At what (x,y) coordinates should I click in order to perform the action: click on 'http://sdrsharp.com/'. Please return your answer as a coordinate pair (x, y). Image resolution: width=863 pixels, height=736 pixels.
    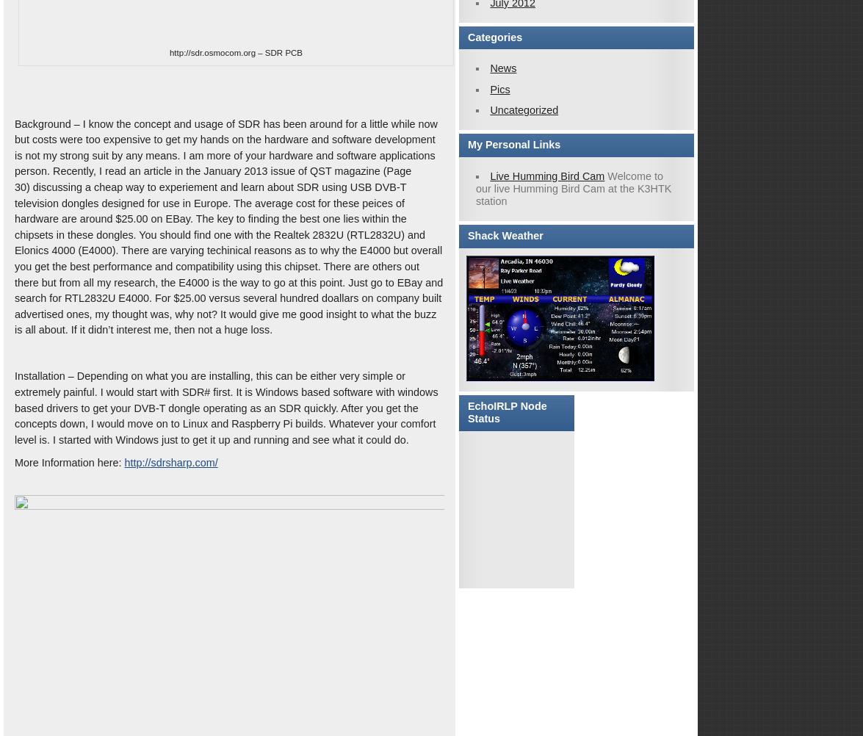
    Looking at the image, I should click on (170, 461).